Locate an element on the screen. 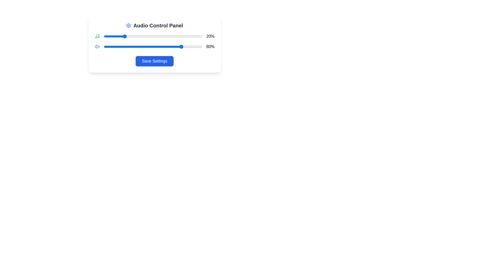  the 'Save Settings' button to observe hover effects is located at coordinates (154, 61).